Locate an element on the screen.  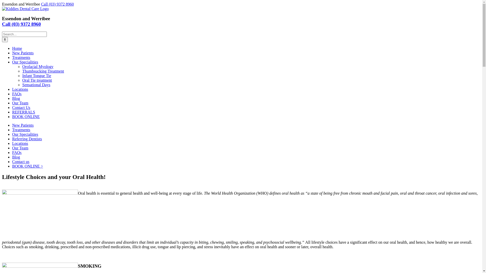
'Orofacial Myology' is located at coordinates (37, 66).